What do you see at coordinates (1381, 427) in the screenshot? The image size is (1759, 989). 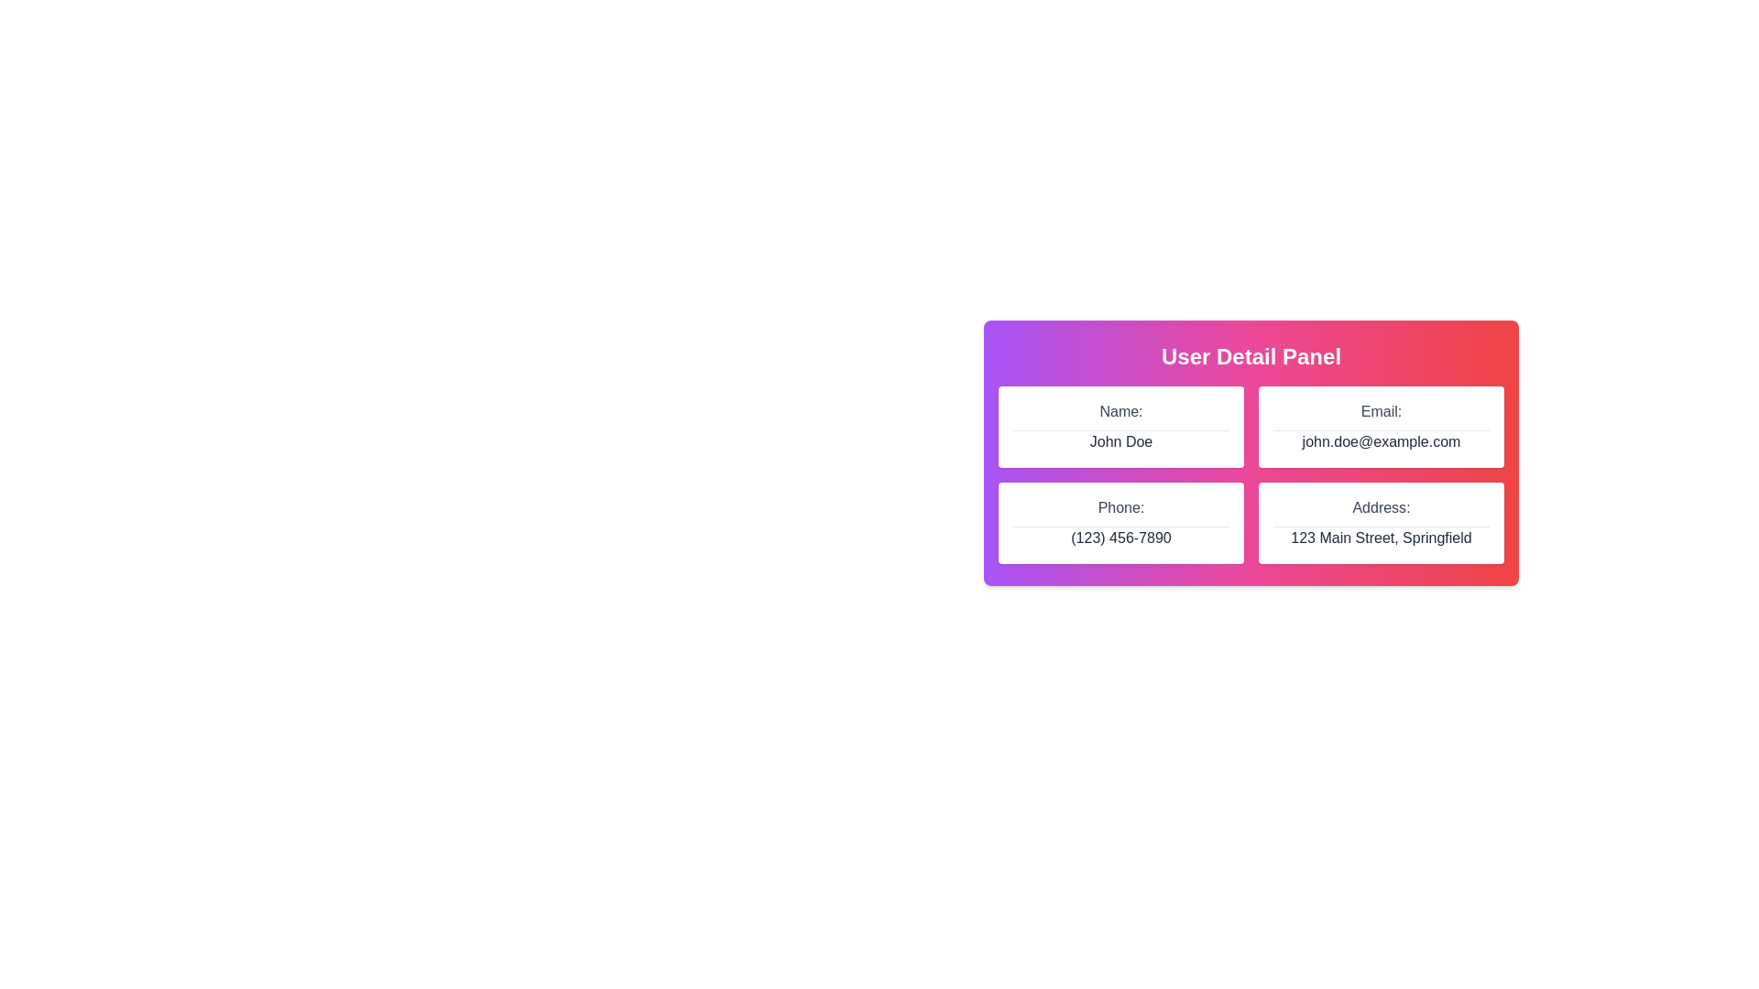 I see `the Information card element that displays 'Email:' and 'john.doe@example.com', located in the second column of the grid` at bounding box center [1381, 427].